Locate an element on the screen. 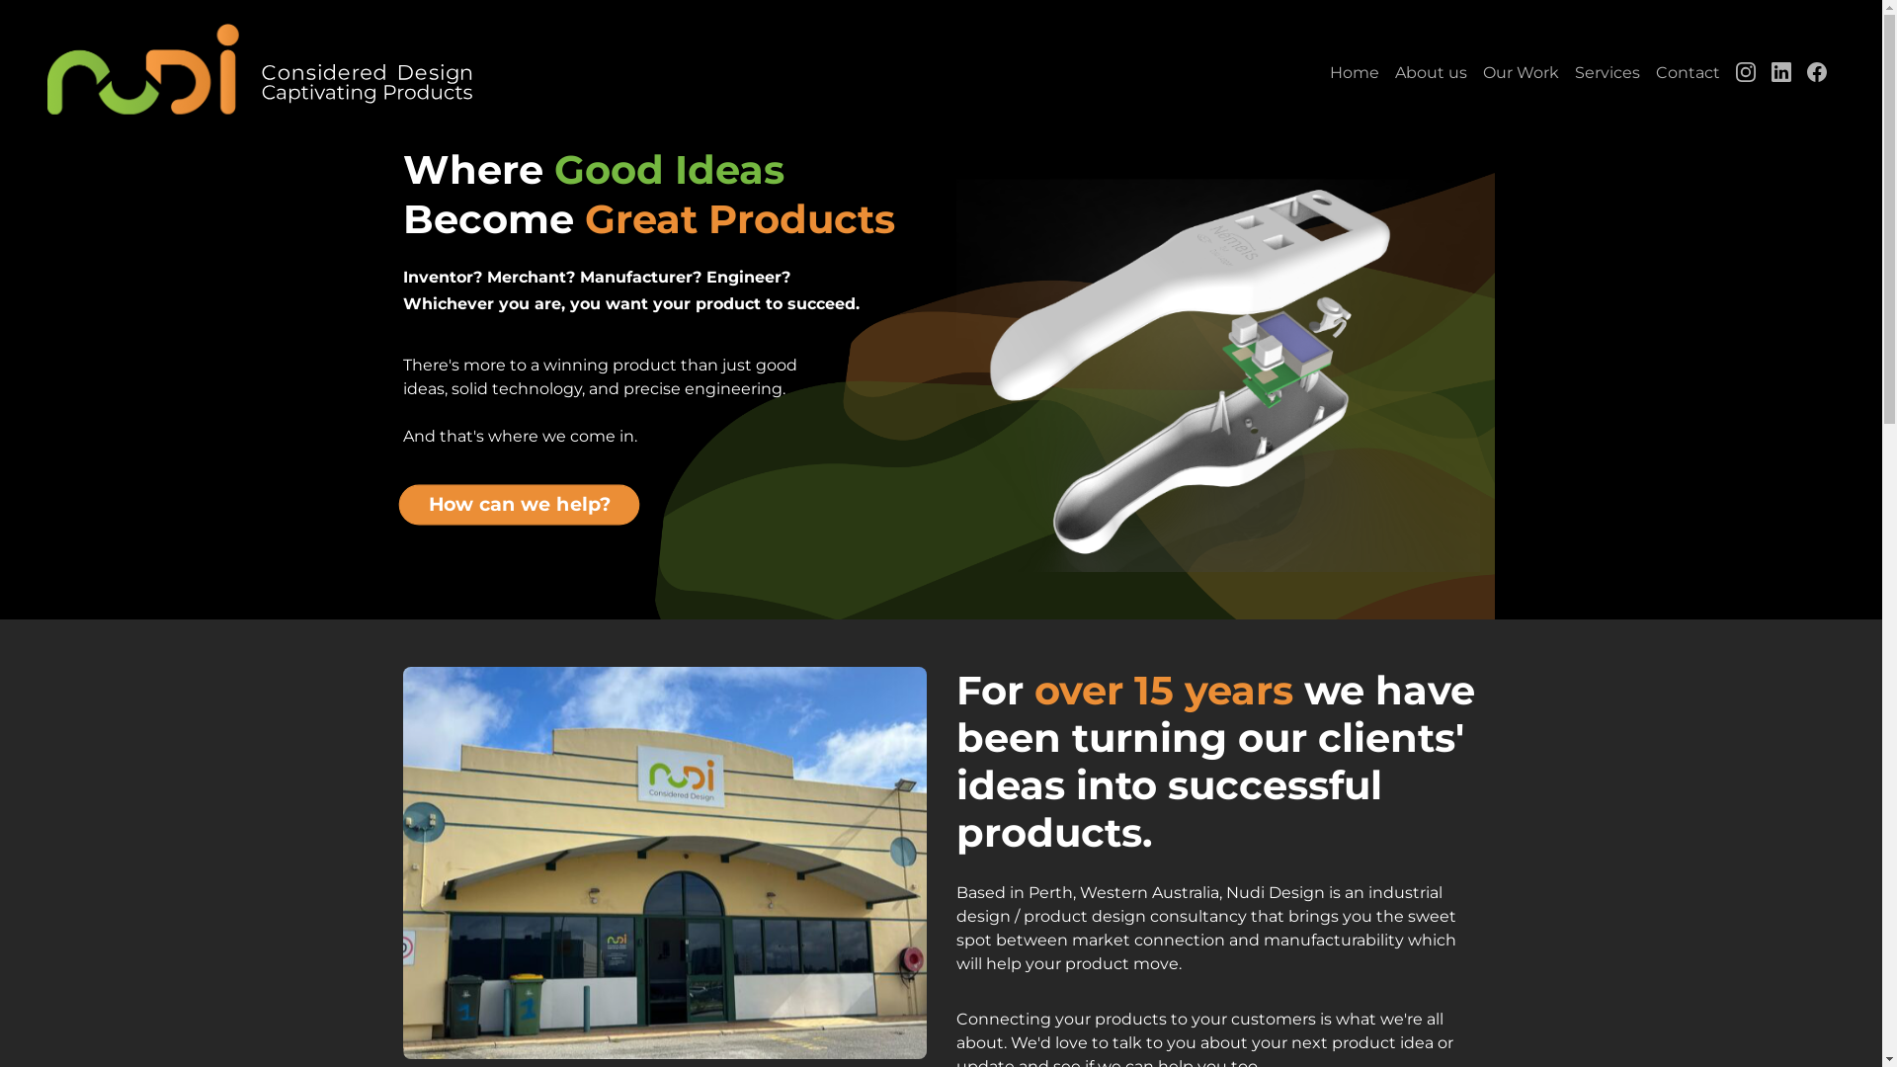 This screenshot has width=1897, height=1067. 'About us' is located at coordinates (1431, 71).